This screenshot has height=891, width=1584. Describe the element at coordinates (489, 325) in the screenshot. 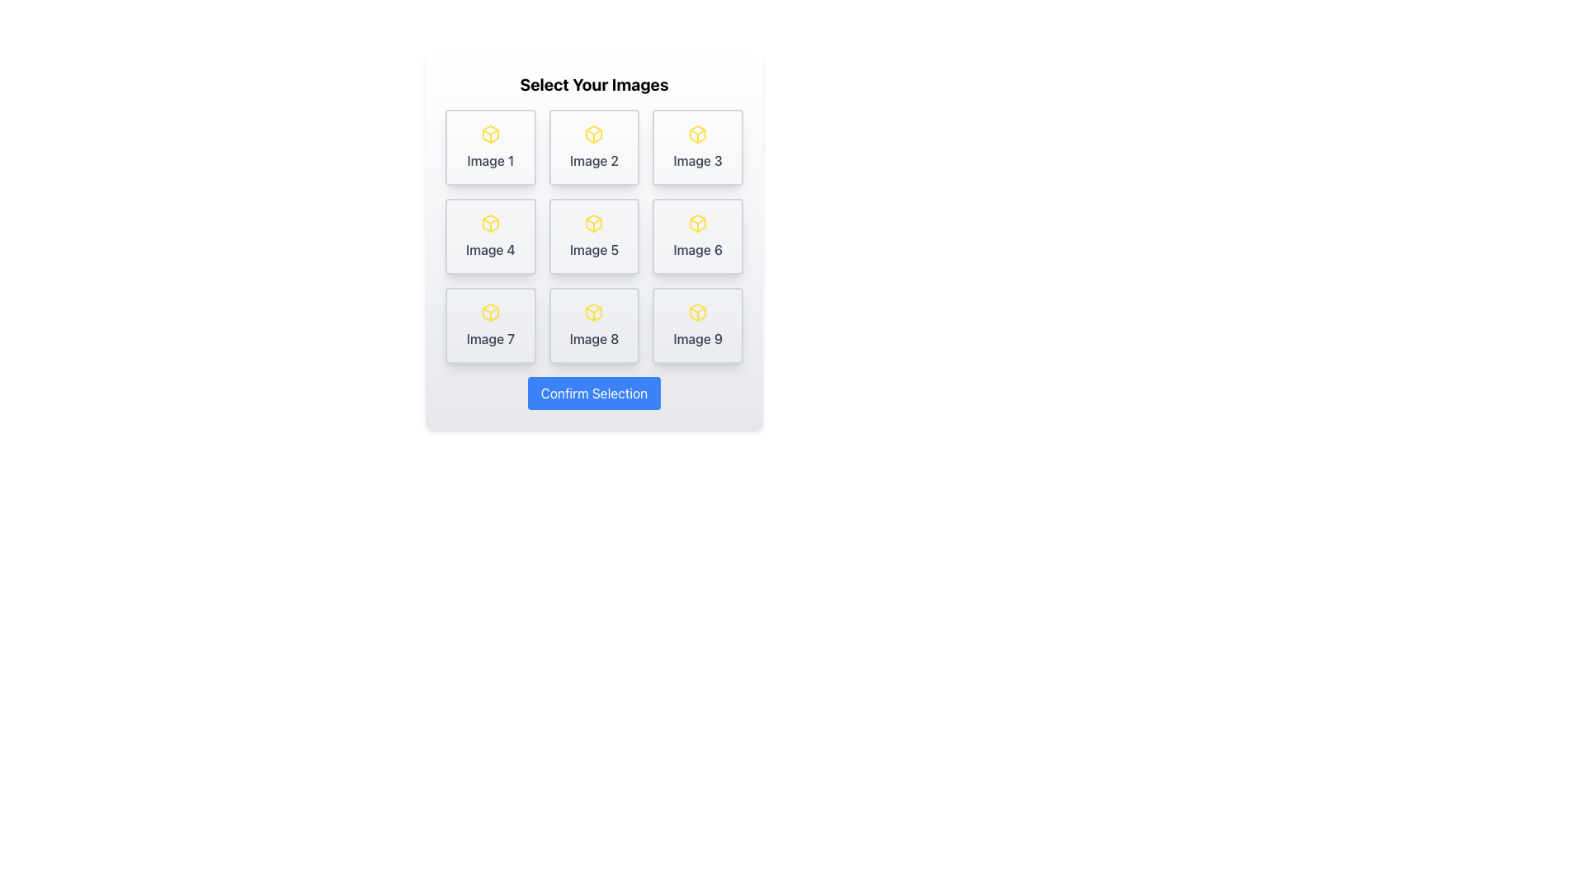

I see `to select the grid item labeled 'Image 7' which has a light grey background, rounded corners, and a yellow cube icon at the top-center` at that location.